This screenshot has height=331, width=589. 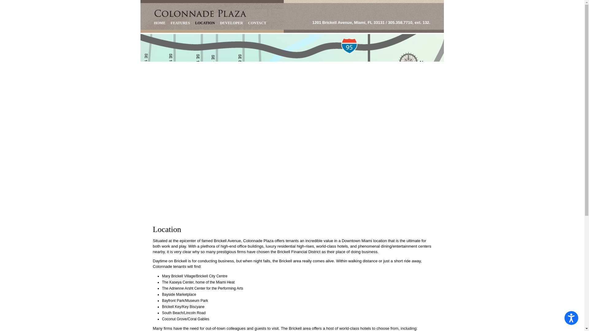 I want to click on 'FEATURES', so click(x=168, y=23).